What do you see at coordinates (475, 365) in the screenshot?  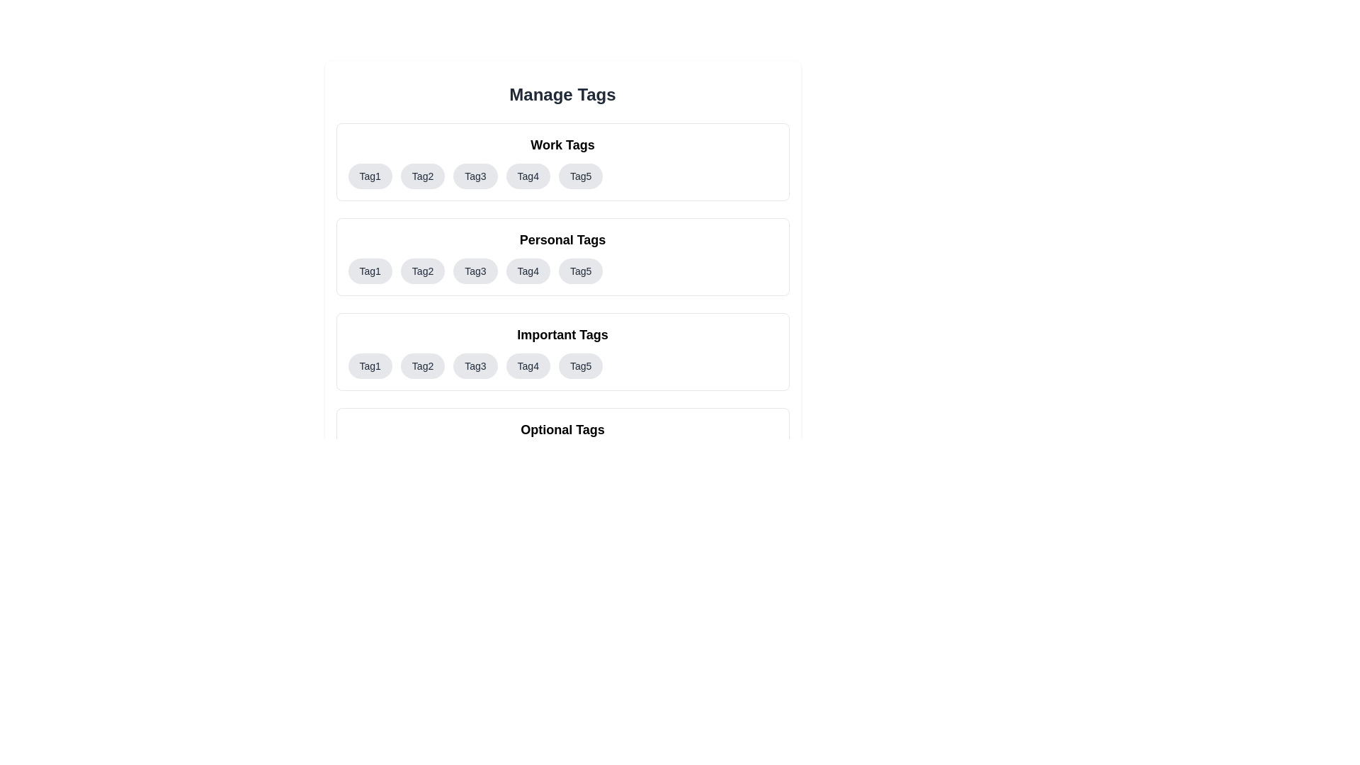 I see `the button labeled 'Tag3' in the 'Important Tags' category` at bounding box center [475, 365].